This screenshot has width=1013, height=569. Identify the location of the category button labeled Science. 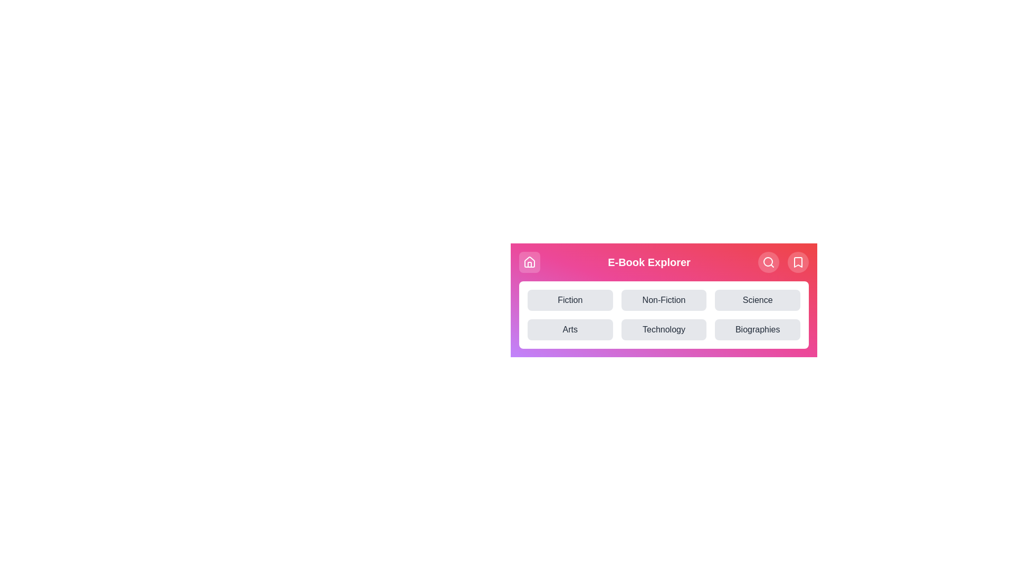
(757, 300).